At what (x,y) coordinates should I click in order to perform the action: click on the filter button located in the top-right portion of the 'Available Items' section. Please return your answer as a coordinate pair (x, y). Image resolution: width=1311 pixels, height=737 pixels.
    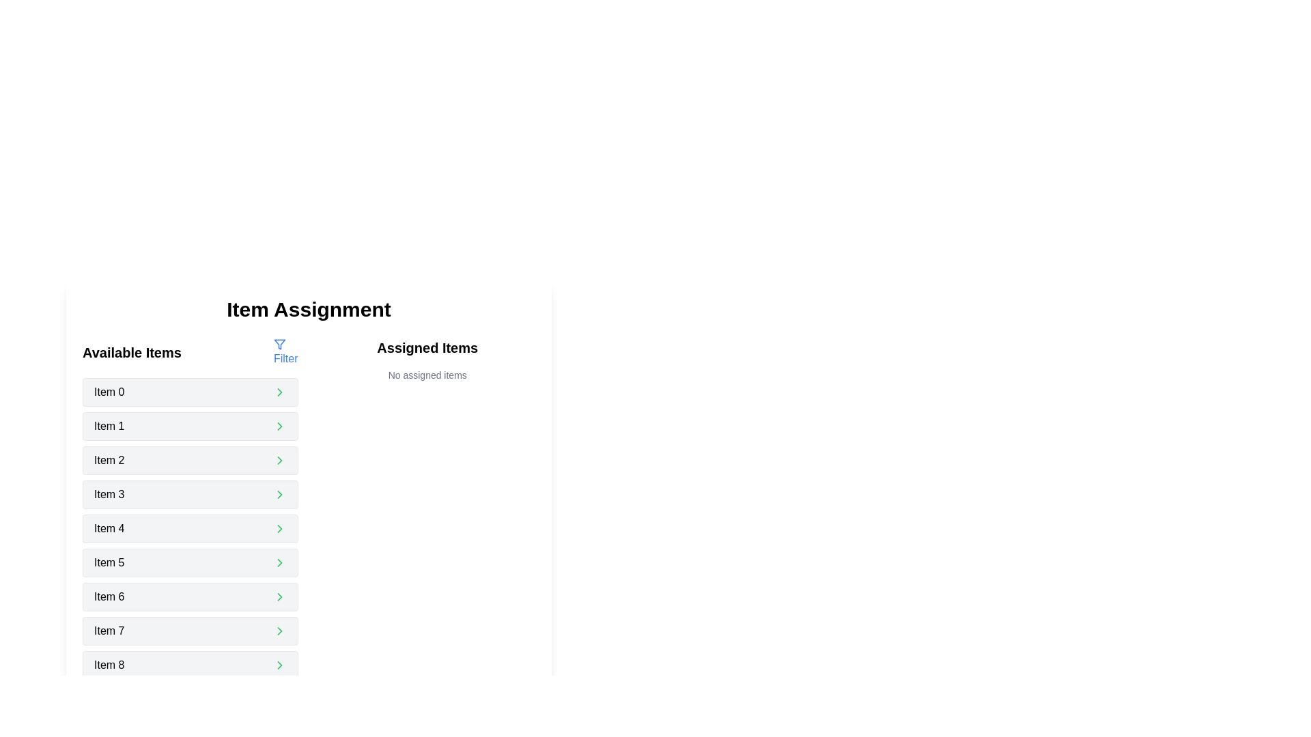
    Looking at the image, I should click on (285, 351).